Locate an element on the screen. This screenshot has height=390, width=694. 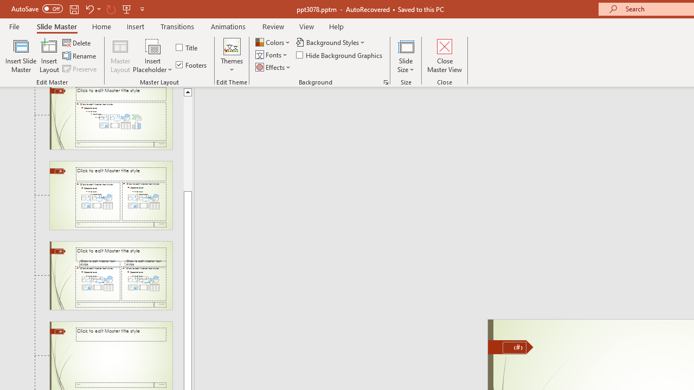
'Freeform 11' is located at coordinates (510, 347).